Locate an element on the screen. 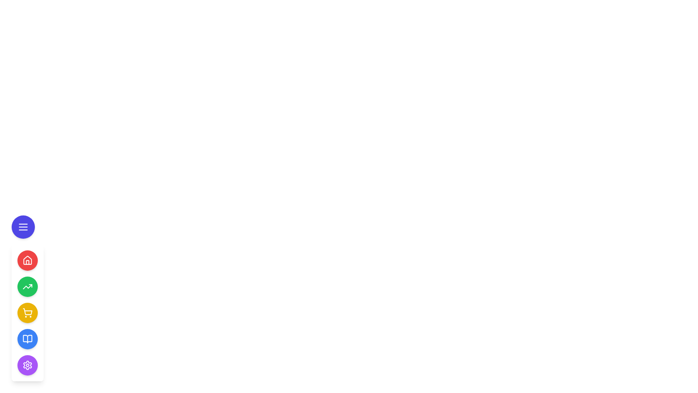  the open book icon with a blue circular background is located at coordinates (28, 339).